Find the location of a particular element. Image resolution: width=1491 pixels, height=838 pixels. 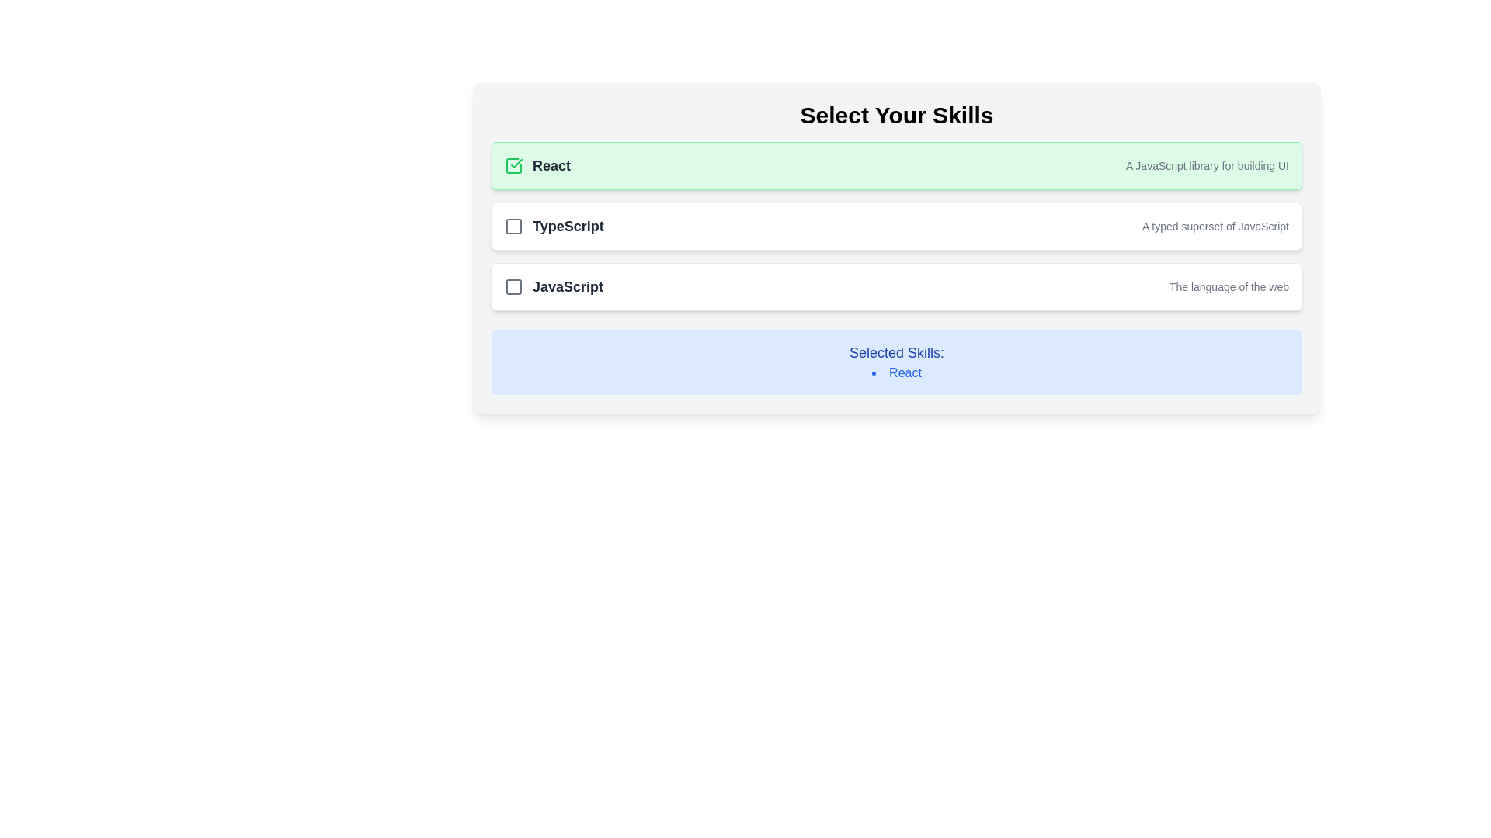

the text label 'React' which is styled in blue and positioned with a disc bullet point, located under the heading 'Selected Skills:' in the central-bottom section of the interface is located at coordinates (897, 373).